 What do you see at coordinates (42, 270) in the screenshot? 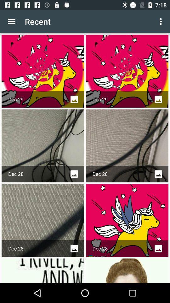
I see `first image in the fourth row` at bounding box center [42, 270].